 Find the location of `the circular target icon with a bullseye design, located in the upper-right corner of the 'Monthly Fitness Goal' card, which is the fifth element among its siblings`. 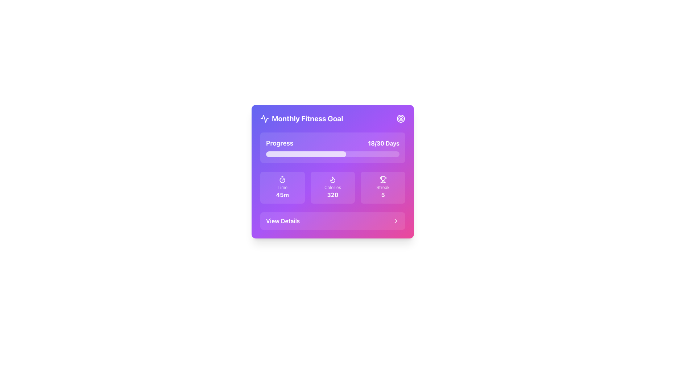

the circular target icon with a bullseye design, located in the upper-right corner of the 'Monthly Fitness Goal' card, which is the fifth element among its siblings is located at coordinates (400, 118).